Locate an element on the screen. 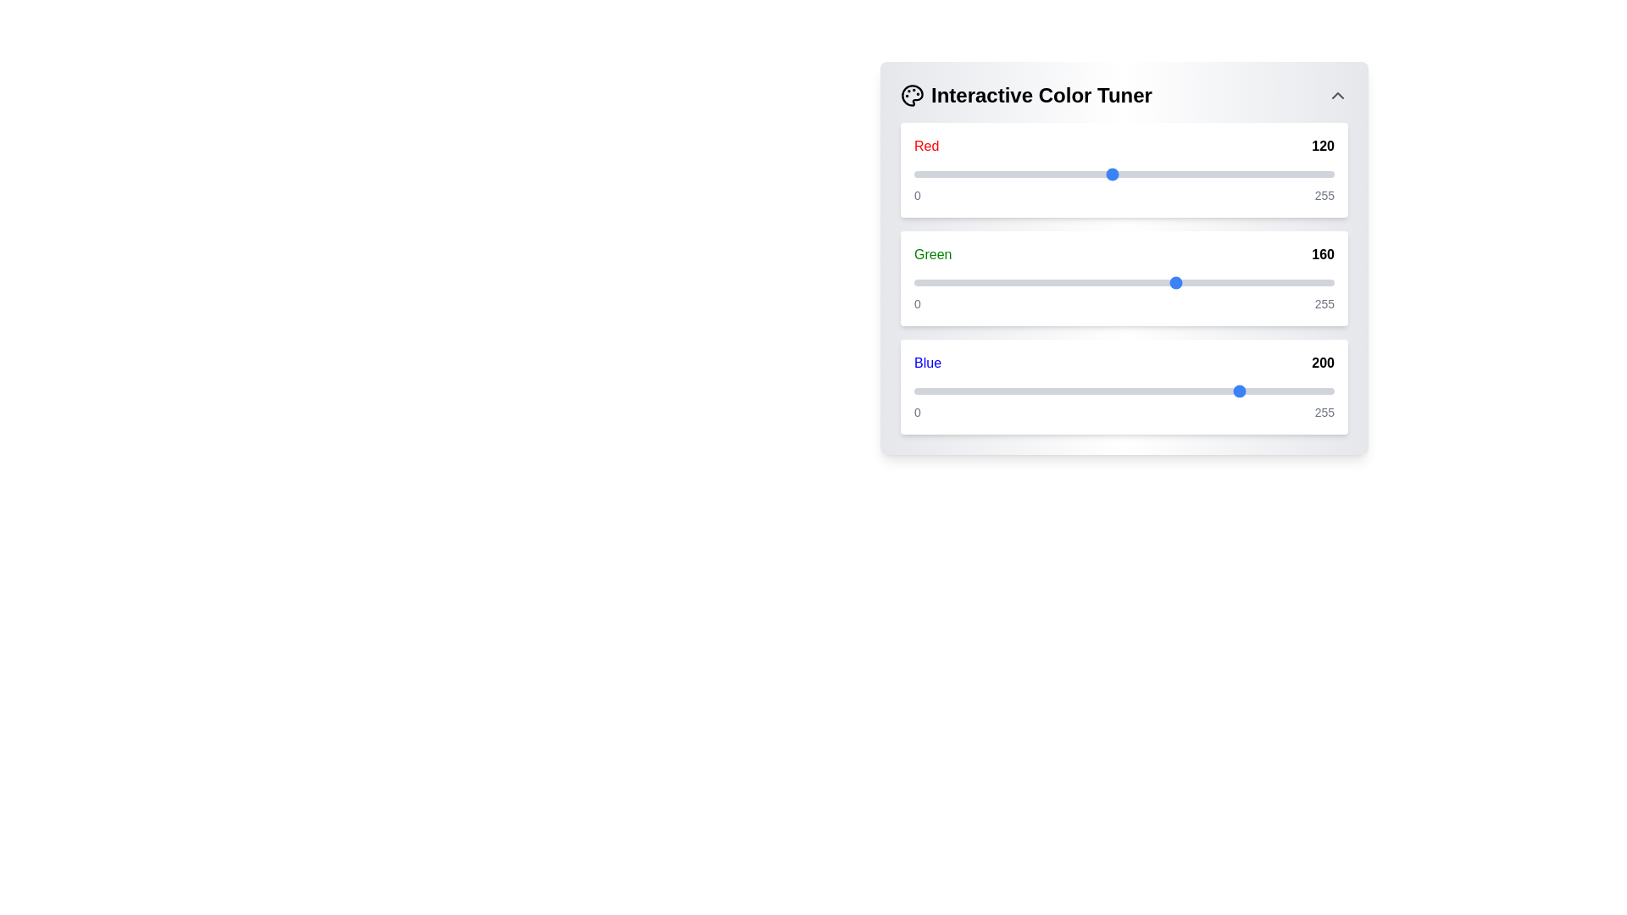  the numerical label '0' located on the left side of the 'Green' slider section is located at coordinates (916, 302).